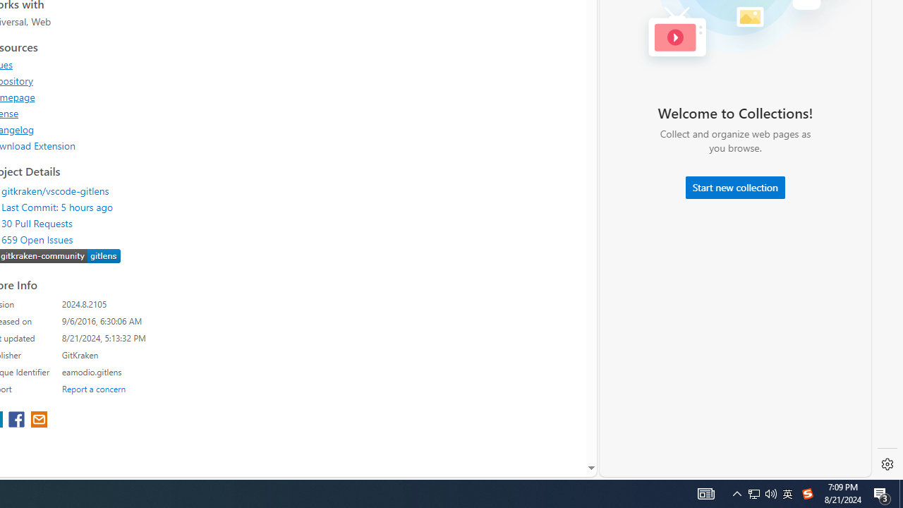  Describe the element at coordinates (93, 388) in the screenshot. I see `'Report a concern'` at that location.